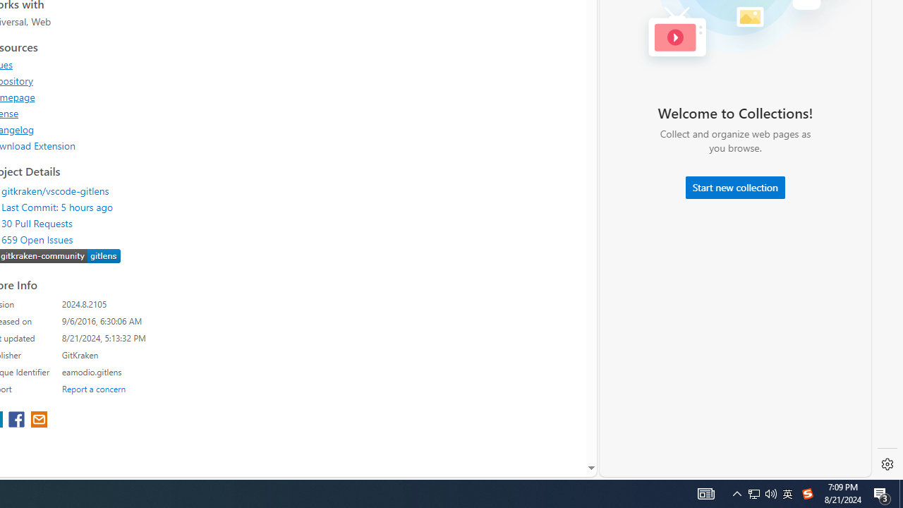  Describe the element at coordinates (93, 388) in the screenshot. I see `'Report a concern'` at that location.